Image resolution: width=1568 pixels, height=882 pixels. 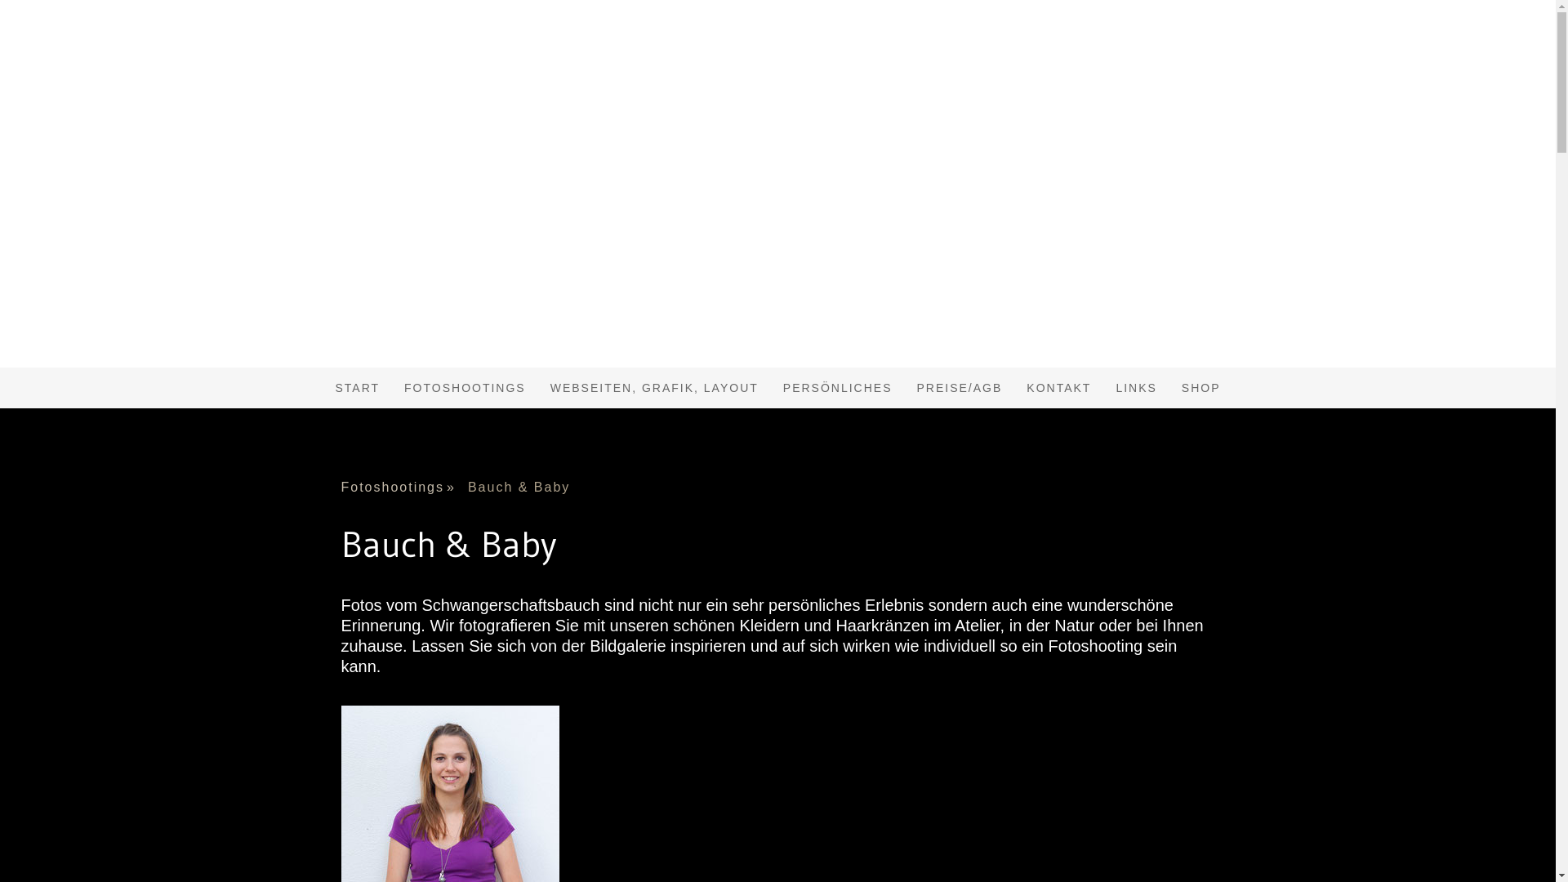 What do you see at coordinates (392, 387) in the screenshot?
I see `'FOTOSHOOTINGS'` at bounding box center [392, 387].